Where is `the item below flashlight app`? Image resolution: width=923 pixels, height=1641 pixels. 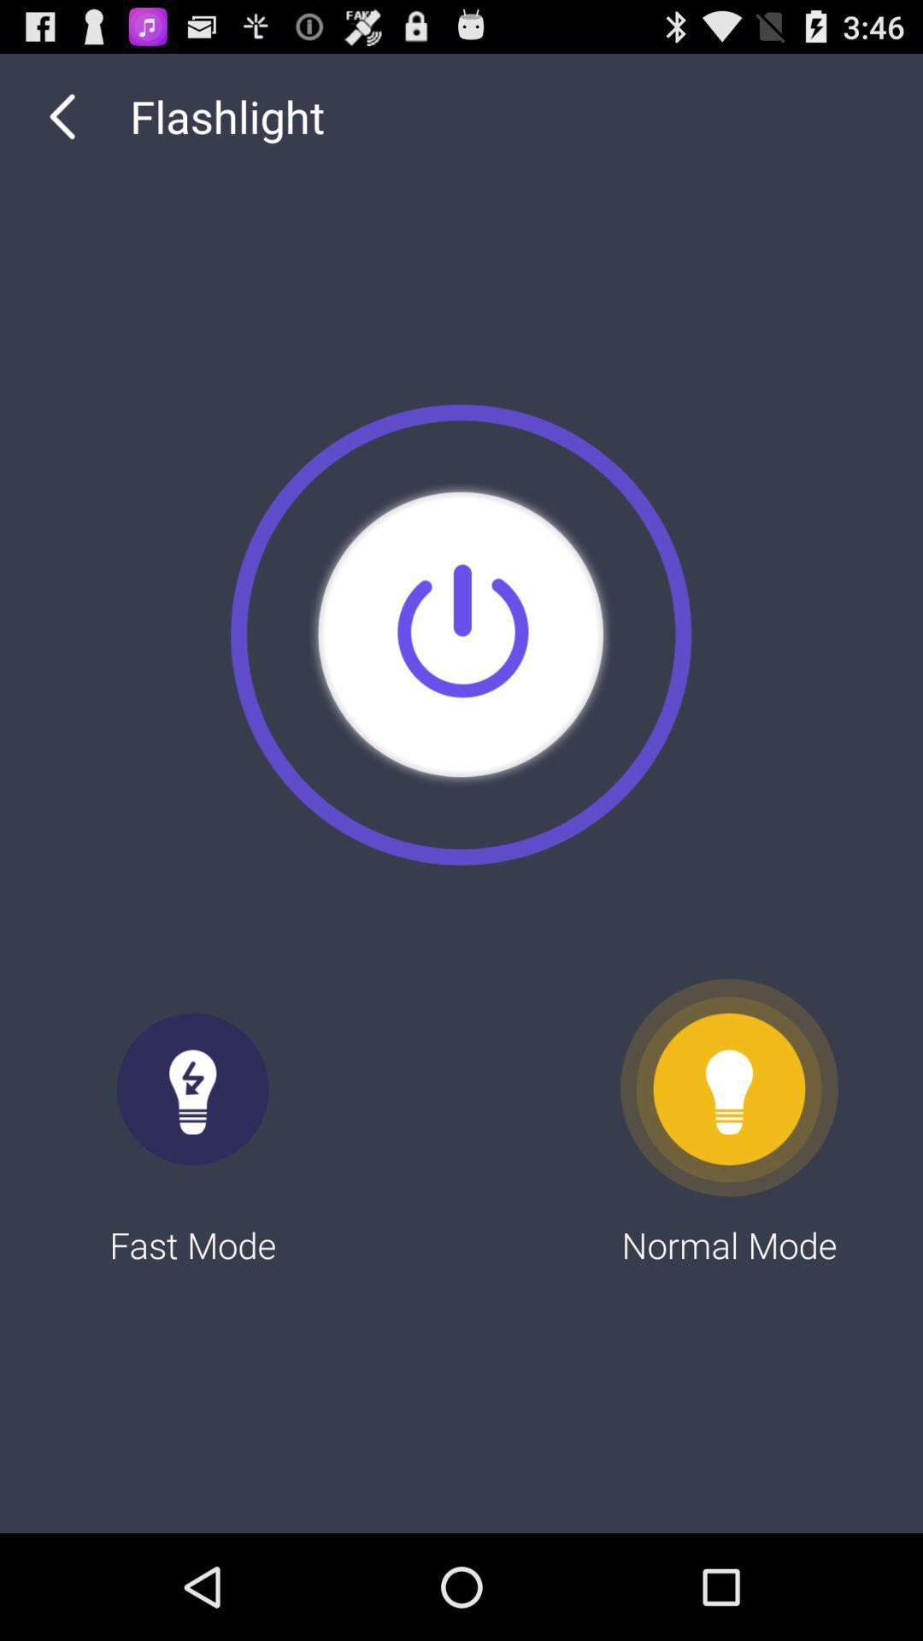 the item below flashlight app is located at coordinates (460, 633).